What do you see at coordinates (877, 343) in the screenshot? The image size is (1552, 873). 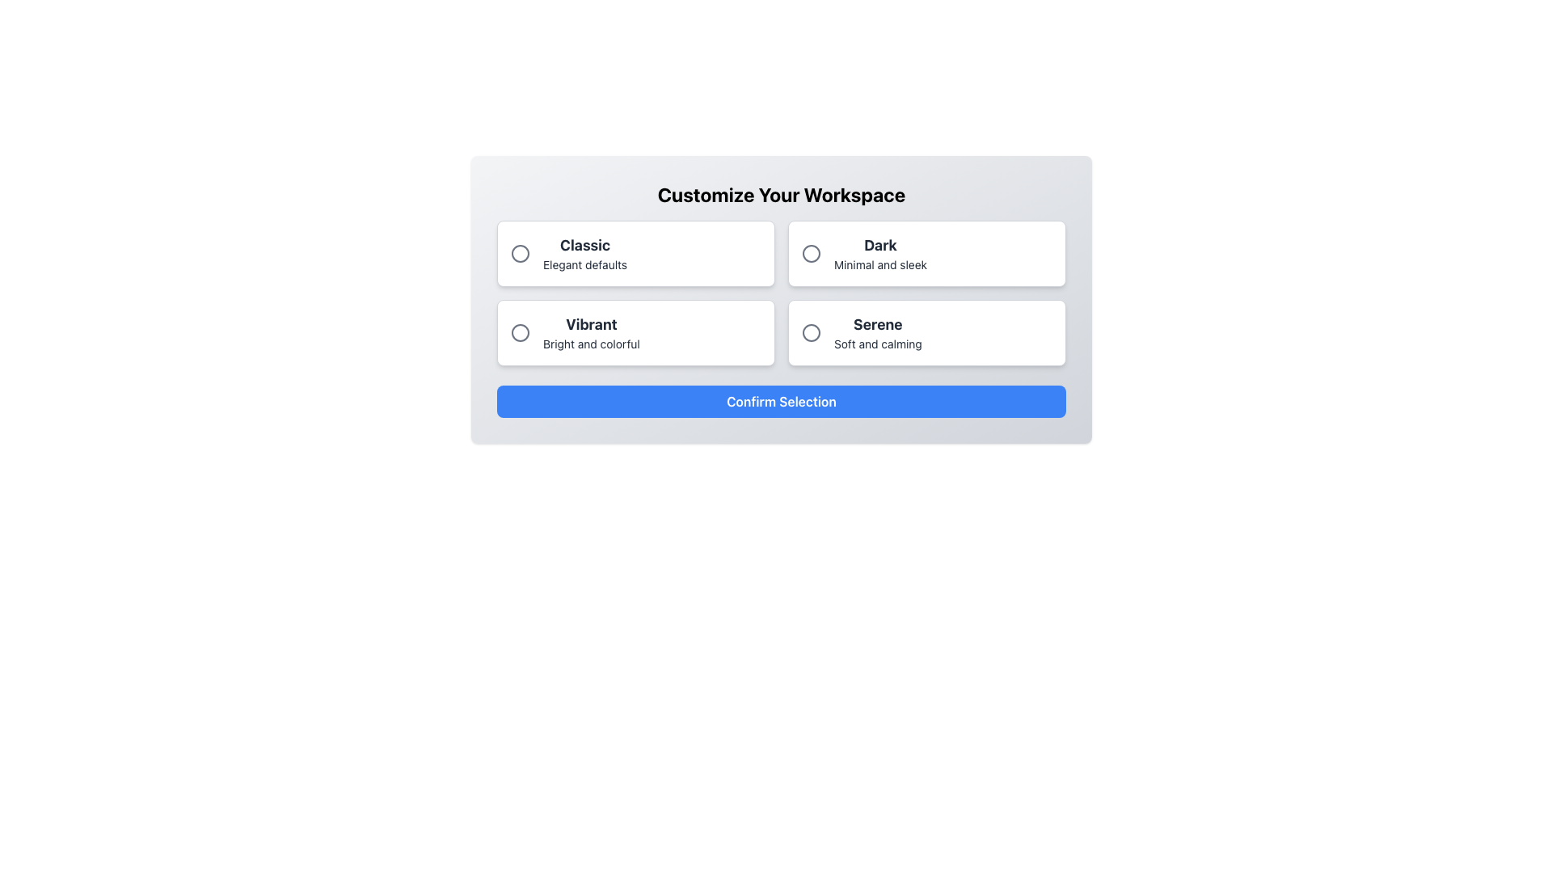 I see `the text label displaying 'Soft and calming', which is located below the bold 'Serene' label in the workspace customization options grid` at bounding box center [877, 343].